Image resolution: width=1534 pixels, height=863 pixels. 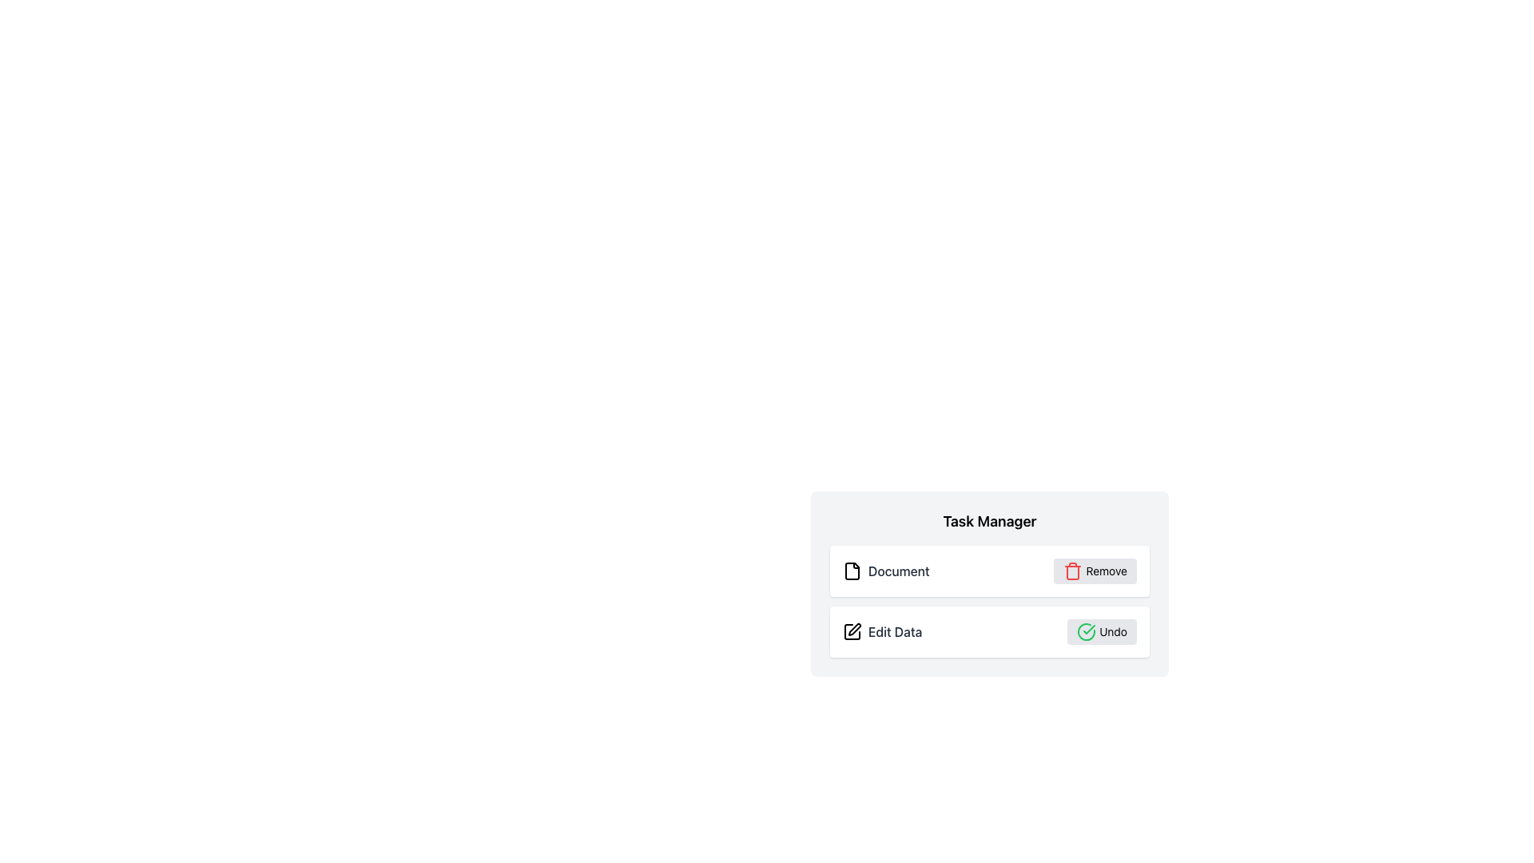 What do you see at coordinates (854, 628) in the screenshot?
I see `the icon representing the 'Edit Data' button located at the bottom row of the Task Manager panel` at bounding box center [854, 628].